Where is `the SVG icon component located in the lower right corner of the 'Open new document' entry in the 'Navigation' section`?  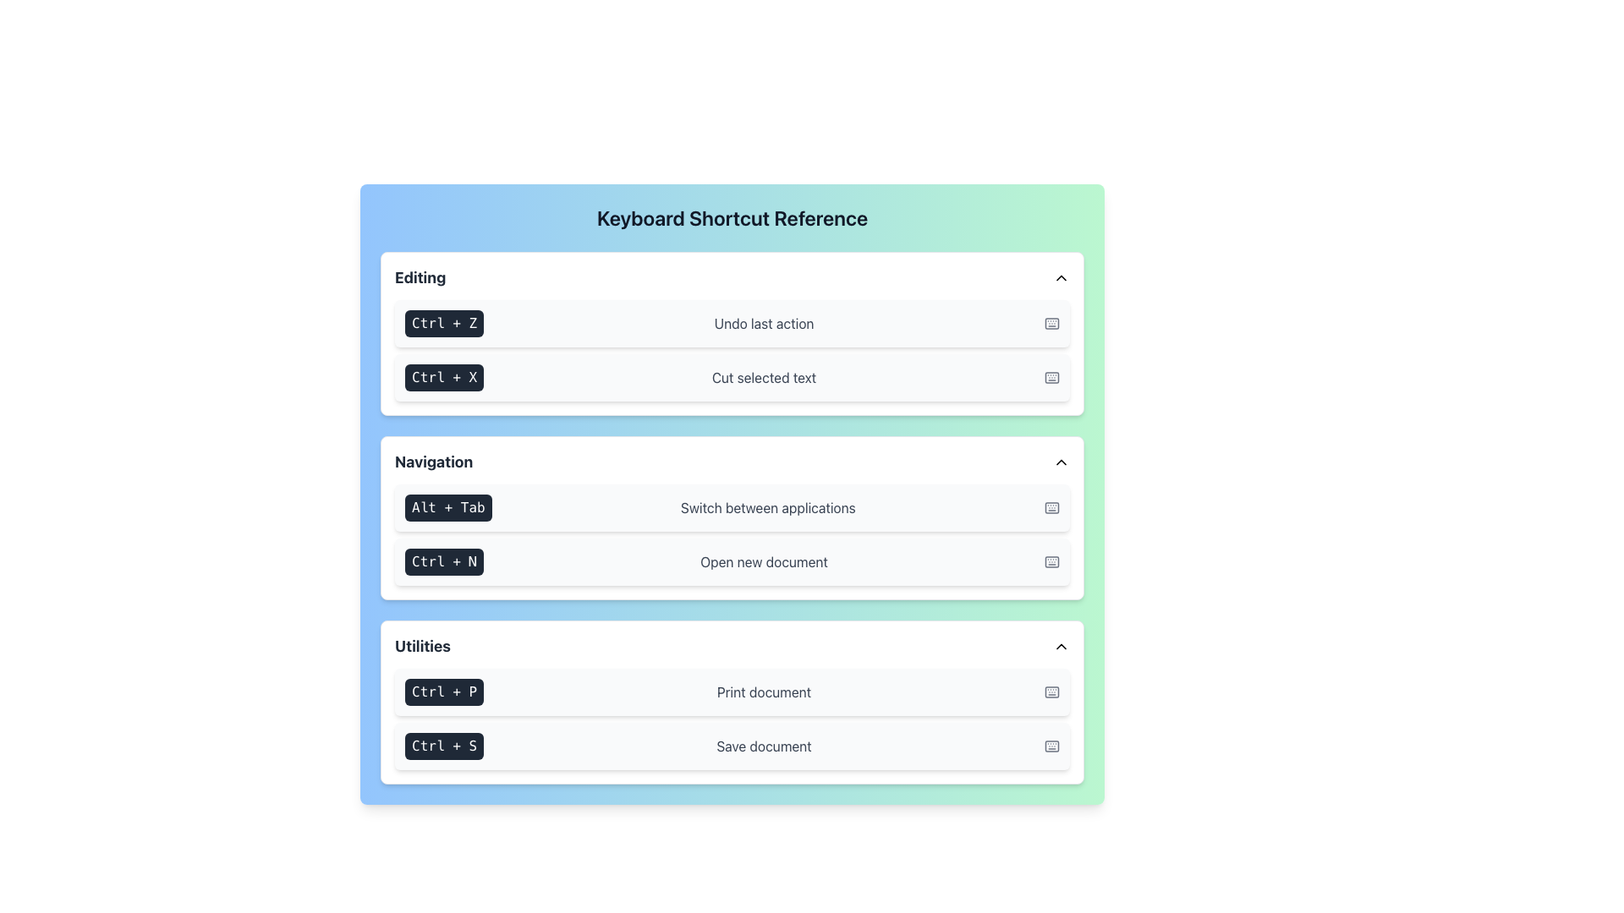
the SVG icon component located in the lower right corner of the 'Open new document' entry in the 'Navigation' section is located at coordinates (1051, 561).